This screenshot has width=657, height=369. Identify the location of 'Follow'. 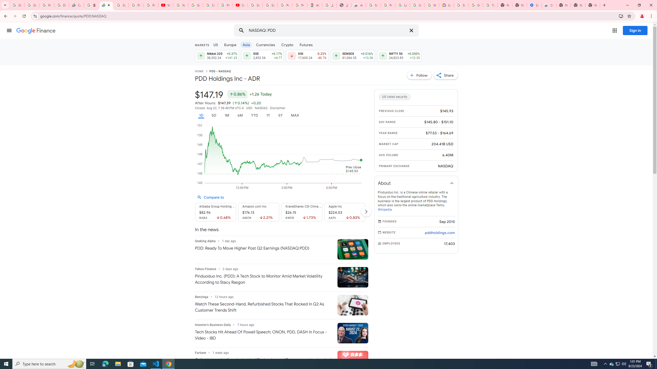
(419, 75).